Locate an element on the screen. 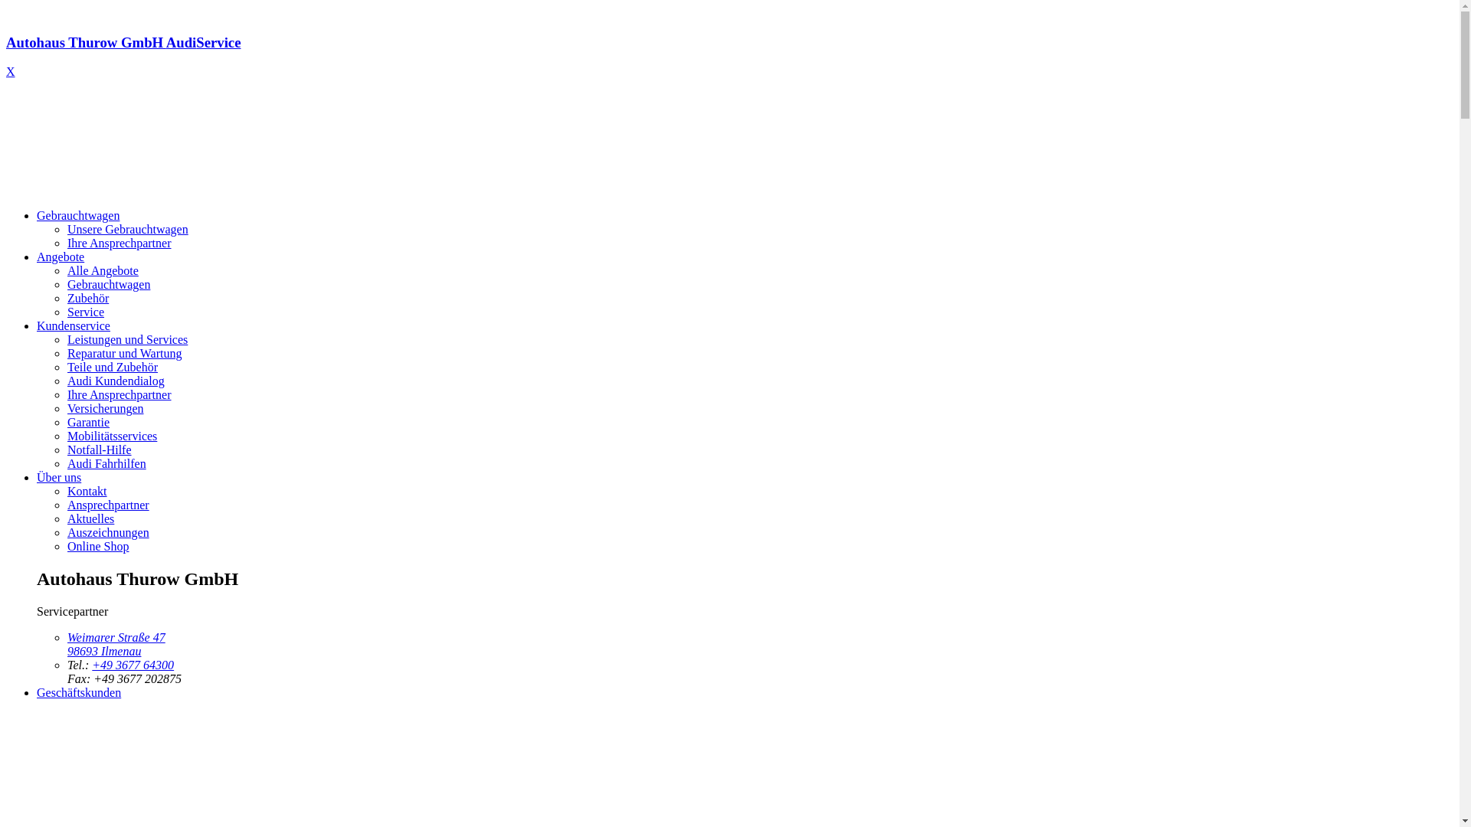 This screenshot has width=1471, height=827. 'Reparatur und Wartung' is located at coordinates (124, 353).